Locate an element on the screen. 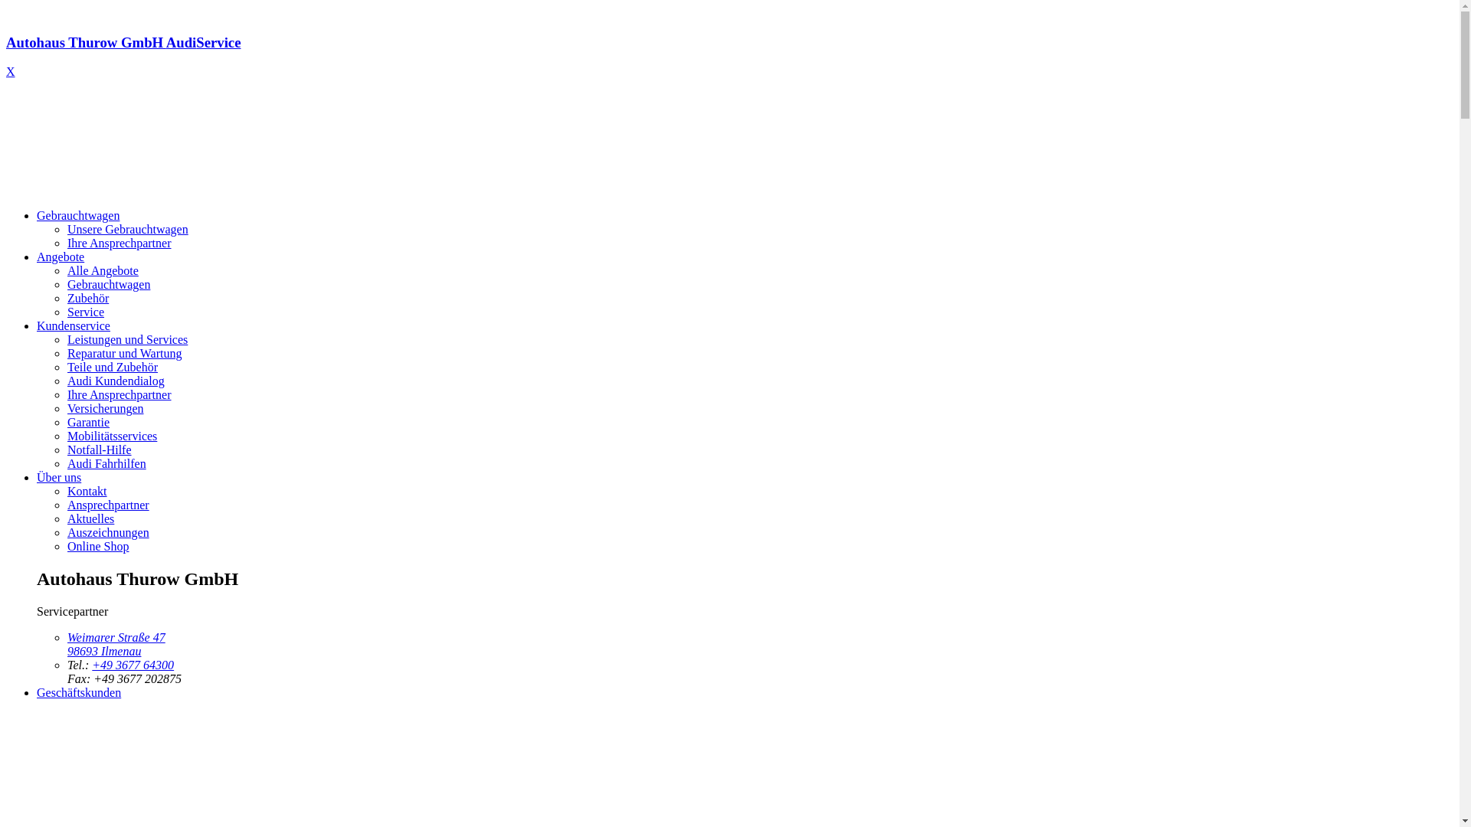 This screenshot has width=1471, height=827. 'Reparatur und Wartung' is located at coordinates (124, 353).